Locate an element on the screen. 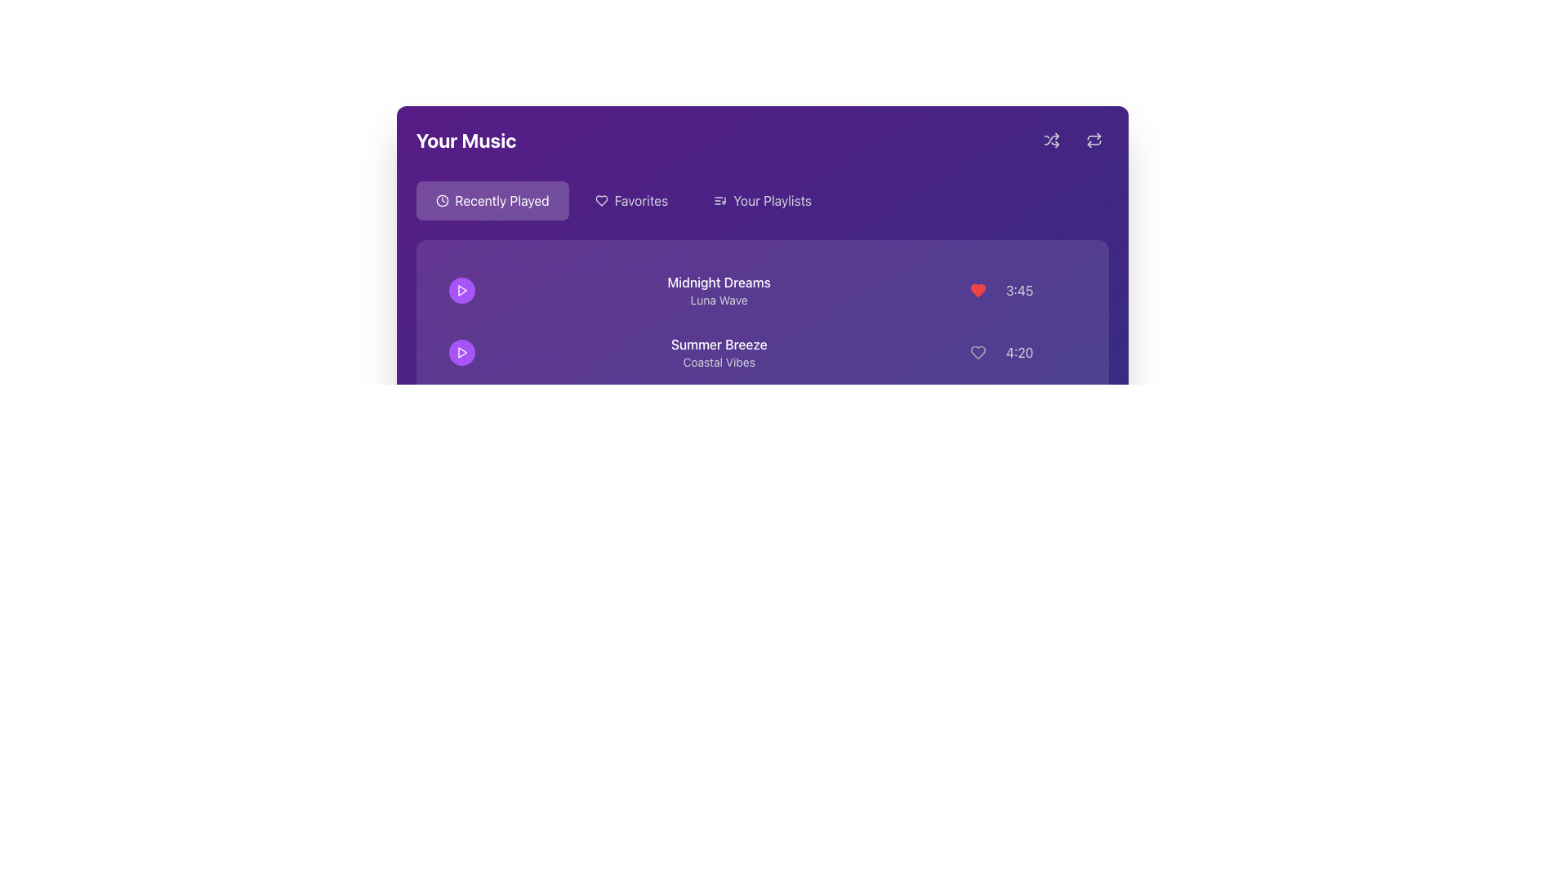 The image size is (1568, 882). the third navigation link in the horizontal menu, labeled for user playlists is located at coordinates (771, 200).